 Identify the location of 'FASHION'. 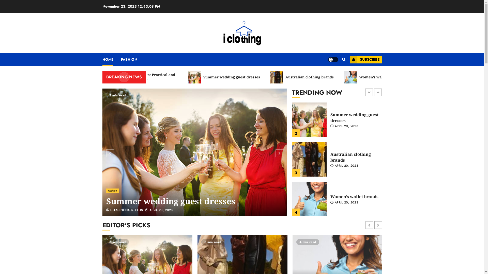
(120, 59).